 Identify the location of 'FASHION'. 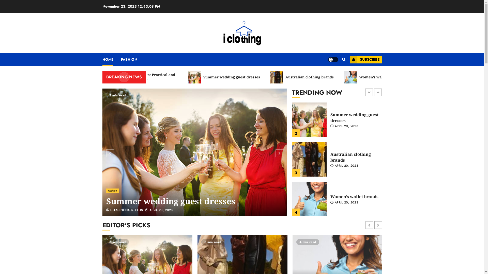
(120, 59).